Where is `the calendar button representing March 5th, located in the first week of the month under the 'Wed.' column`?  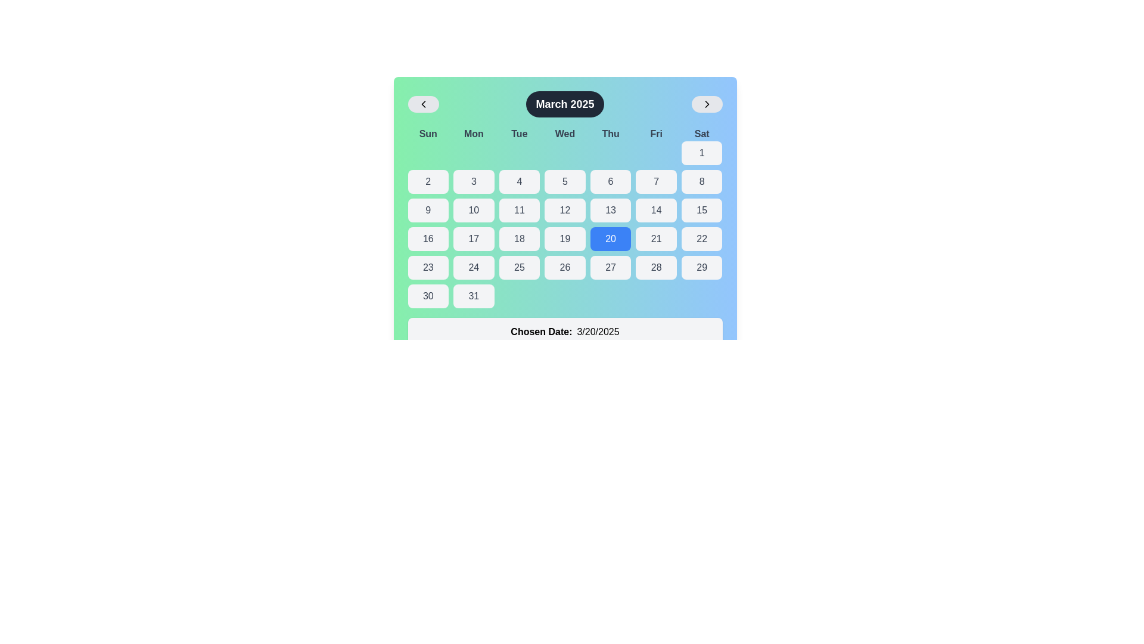 the calendar button representing March 5th, located in the first week of the month under the 'Wed.' column is located at coordinates (564, 181).